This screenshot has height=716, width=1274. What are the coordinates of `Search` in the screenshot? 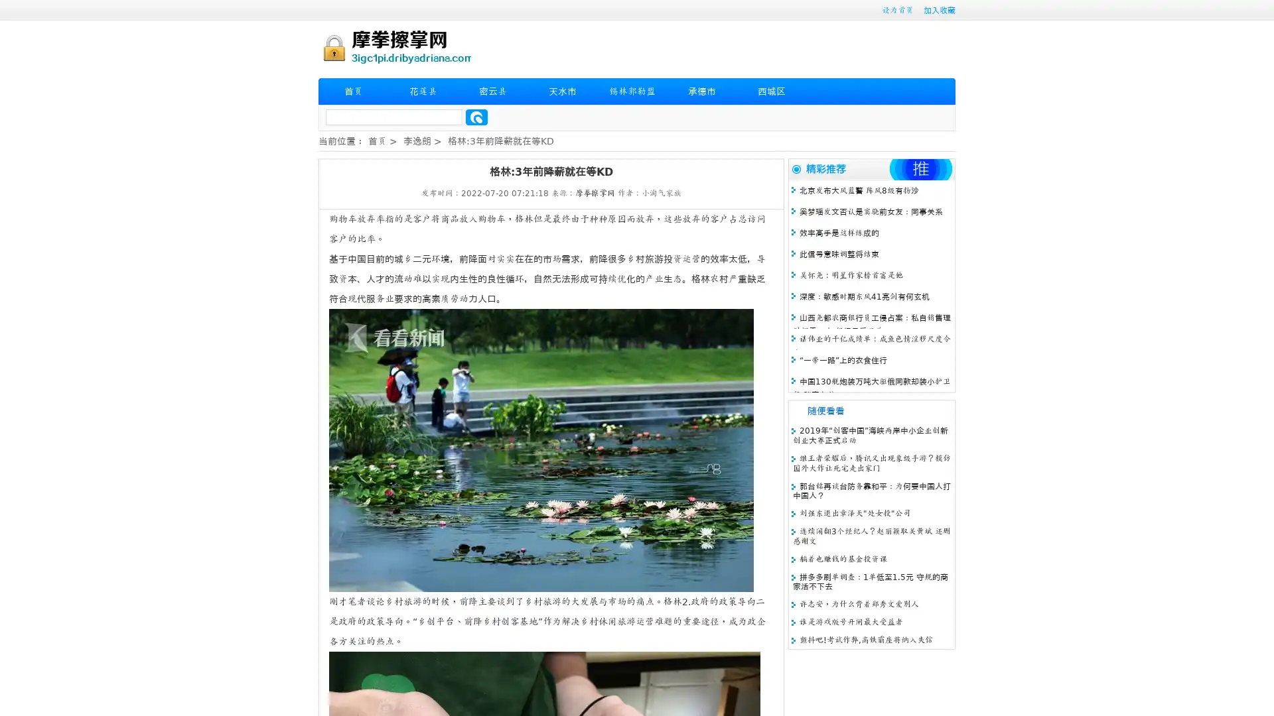 It's located at (476, 117).